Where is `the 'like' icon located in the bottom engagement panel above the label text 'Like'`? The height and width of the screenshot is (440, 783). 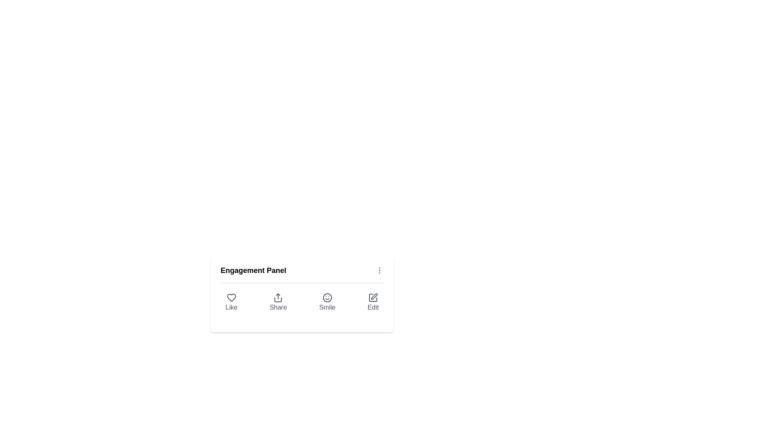
the 'like' icon located in the bottom engagement panel above the label text 'Like' is located at coordinates (231, 298).